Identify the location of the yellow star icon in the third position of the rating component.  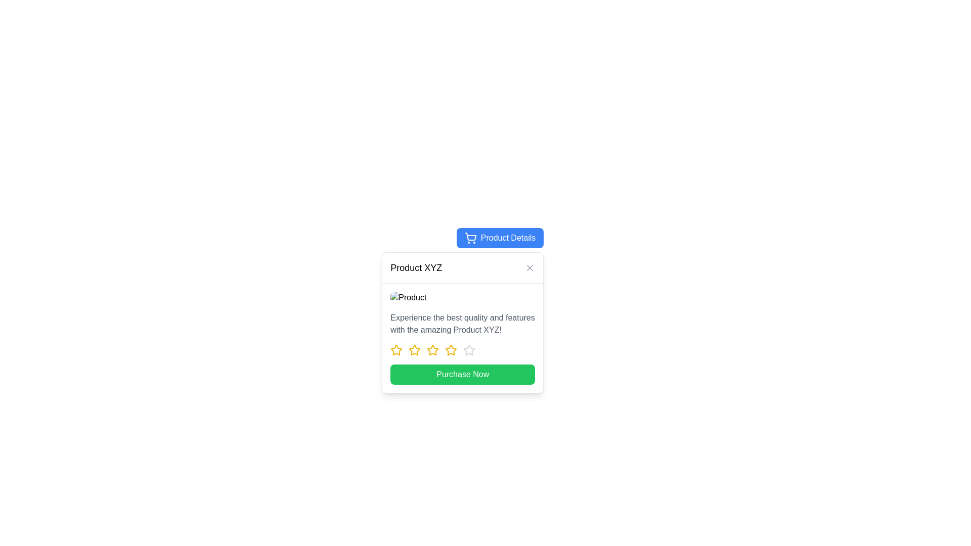
(415, 350).